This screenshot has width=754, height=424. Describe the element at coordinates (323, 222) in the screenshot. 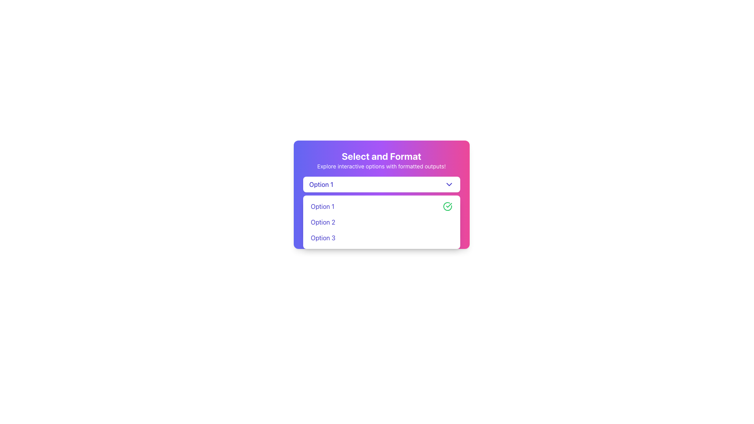

I see `the 'Option 2' text label in the dropdown menu` at that location.